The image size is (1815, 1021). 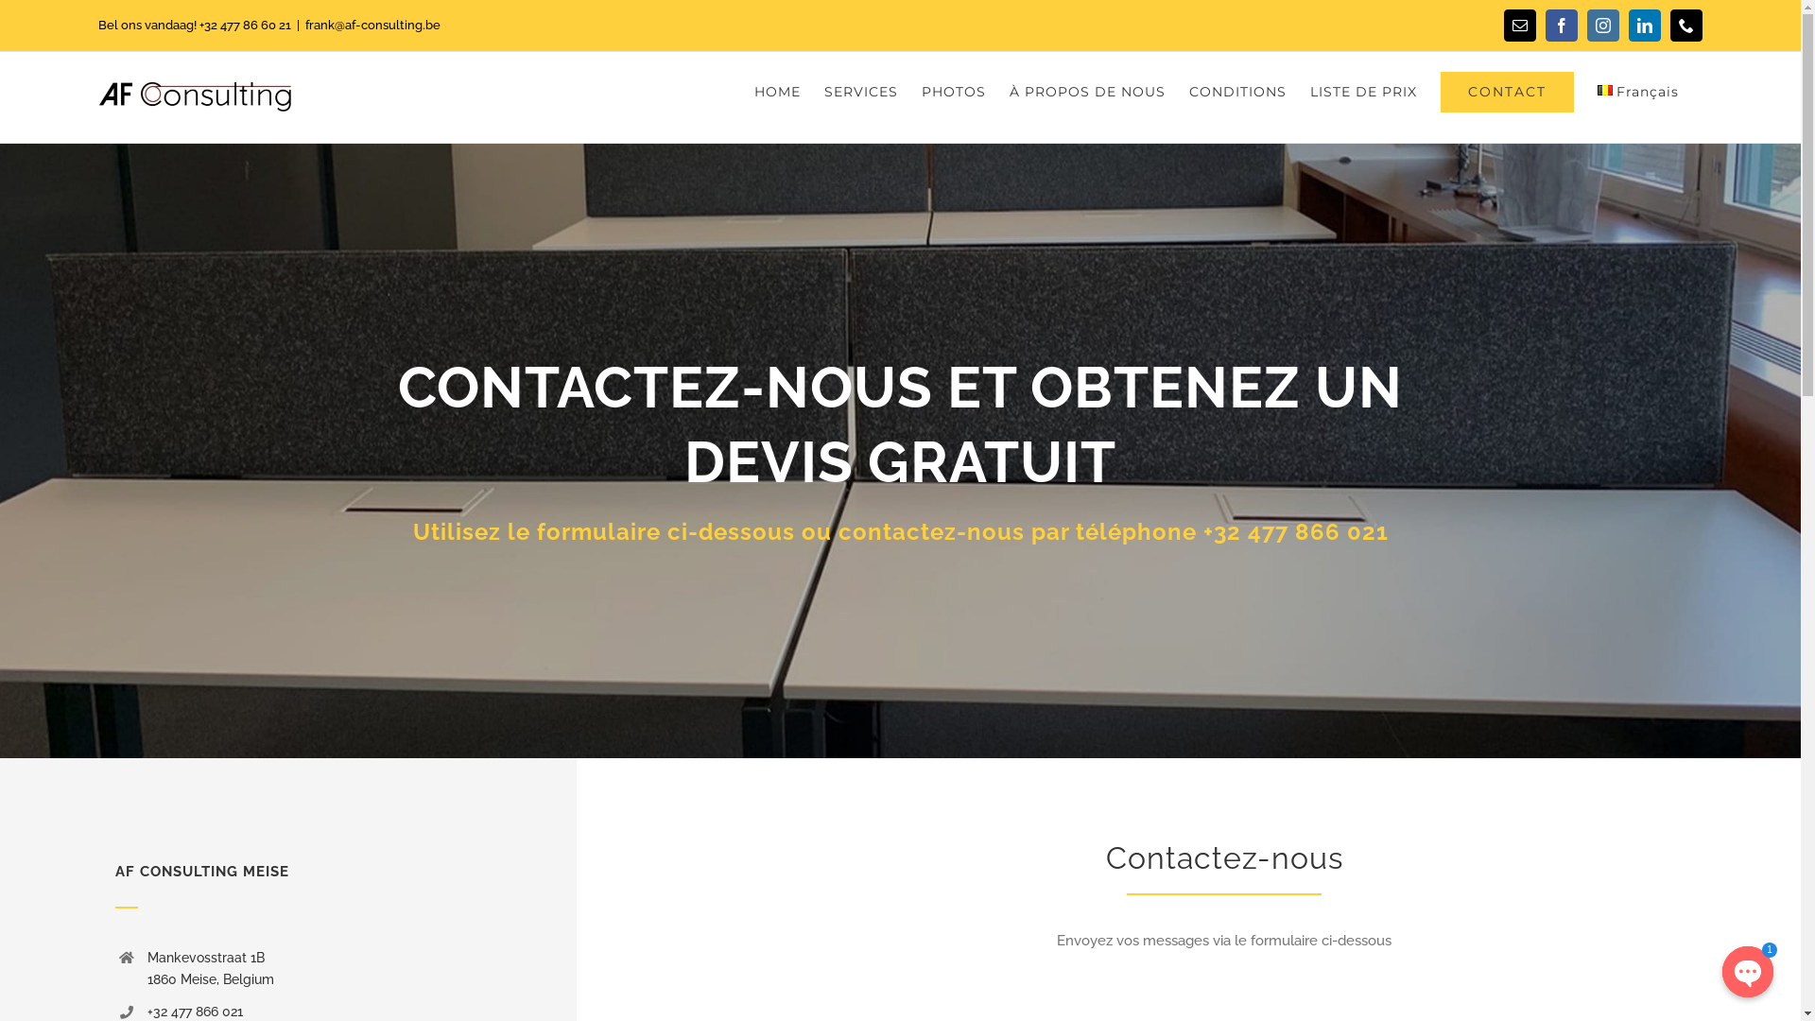 What do you see at coordinates (1561, 26) in the screenshot?
I see `'Facebook'` at bounding box center [1561, 26].